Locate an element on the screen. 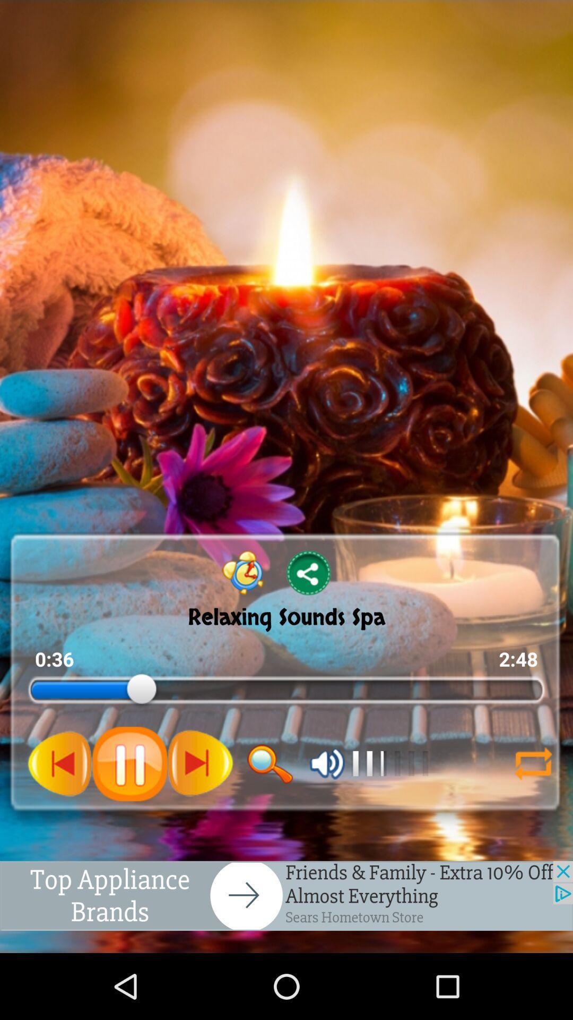  switch pause/play option is located at coordinates (129, 763).